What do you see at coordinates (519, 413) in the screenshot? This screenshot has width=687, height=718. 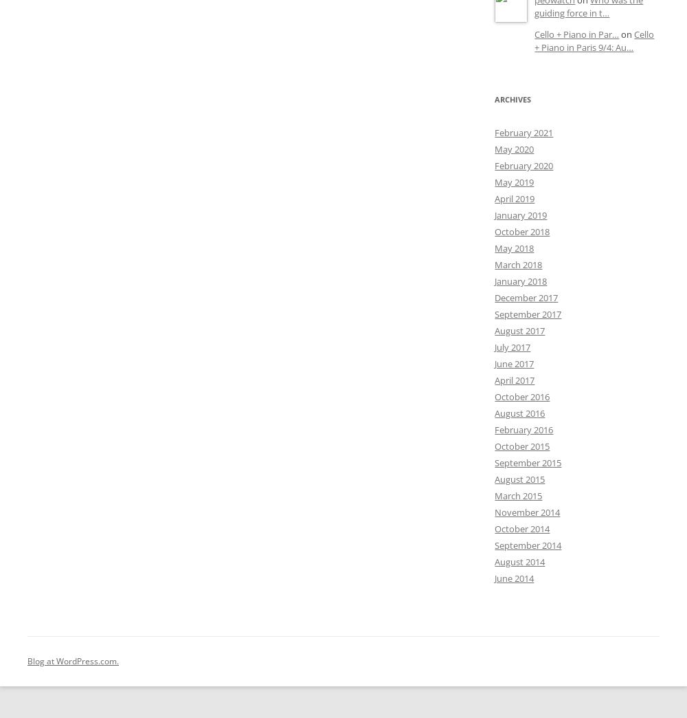 I see `'August 2016'` at bounding box center [519, 413].